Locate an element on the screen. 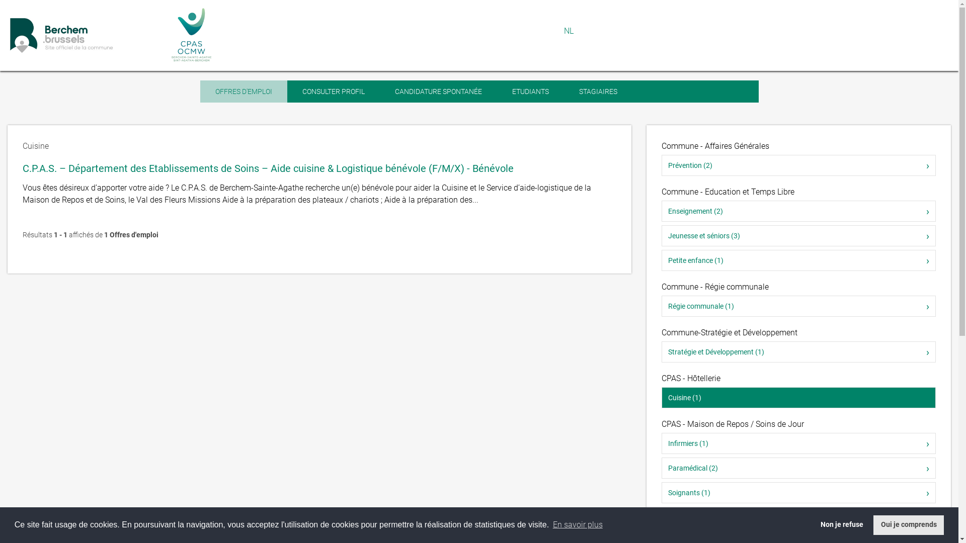 This screenshot has height=543, width=966. 'Non je refuse' is located at coordinates (842, 524).